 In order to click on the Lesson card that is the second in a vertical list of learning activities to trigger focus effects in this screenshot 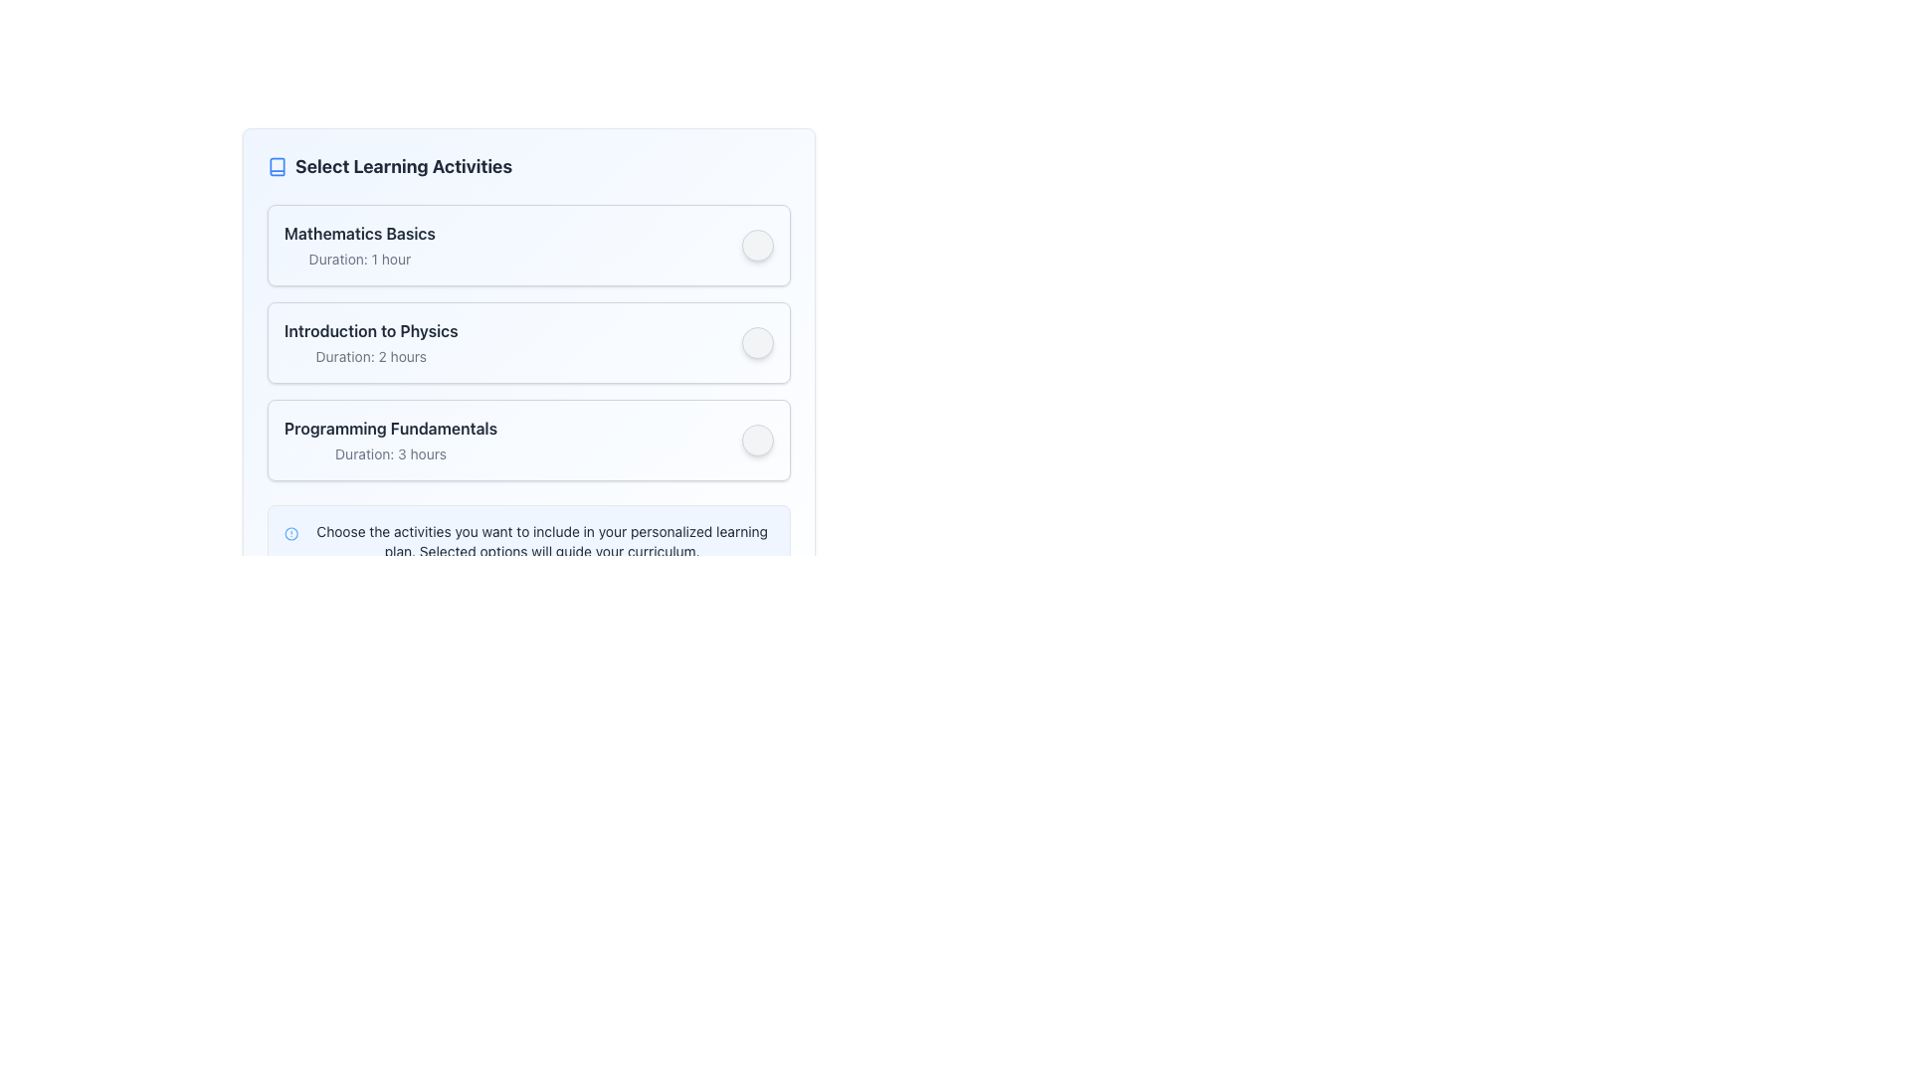, I will do `click(529, 341)`.